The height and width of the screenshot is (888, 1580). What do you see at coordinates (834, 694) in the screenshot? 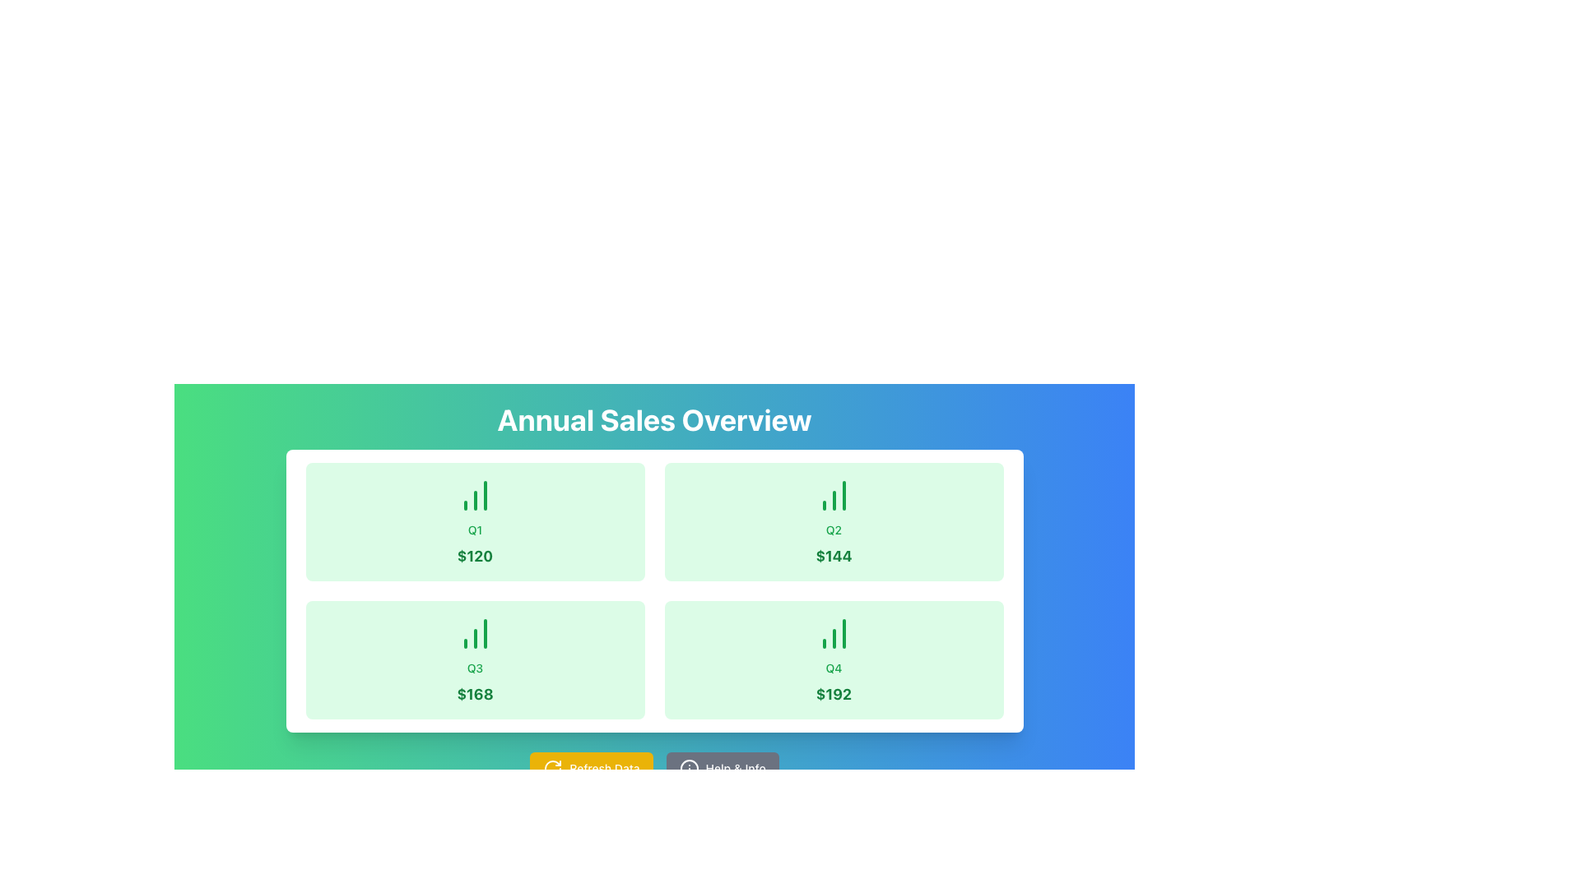
I see `the Text Label displaying the Q4 category value` at bounding box center [834, 694].